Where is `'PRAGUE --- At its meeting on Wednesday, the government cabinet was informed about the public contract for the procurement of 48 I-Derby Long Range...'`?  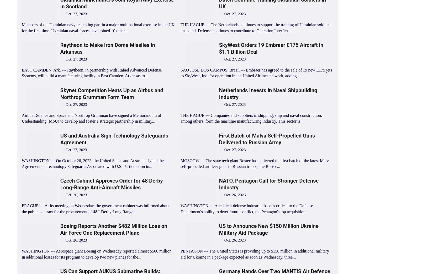
'PRAGUE --- At its meeting on Wednesday, the government cabinet was informed about the public contract for the procurement of 48 I-Derby Long Range...' is located at coordinates (22, 209).